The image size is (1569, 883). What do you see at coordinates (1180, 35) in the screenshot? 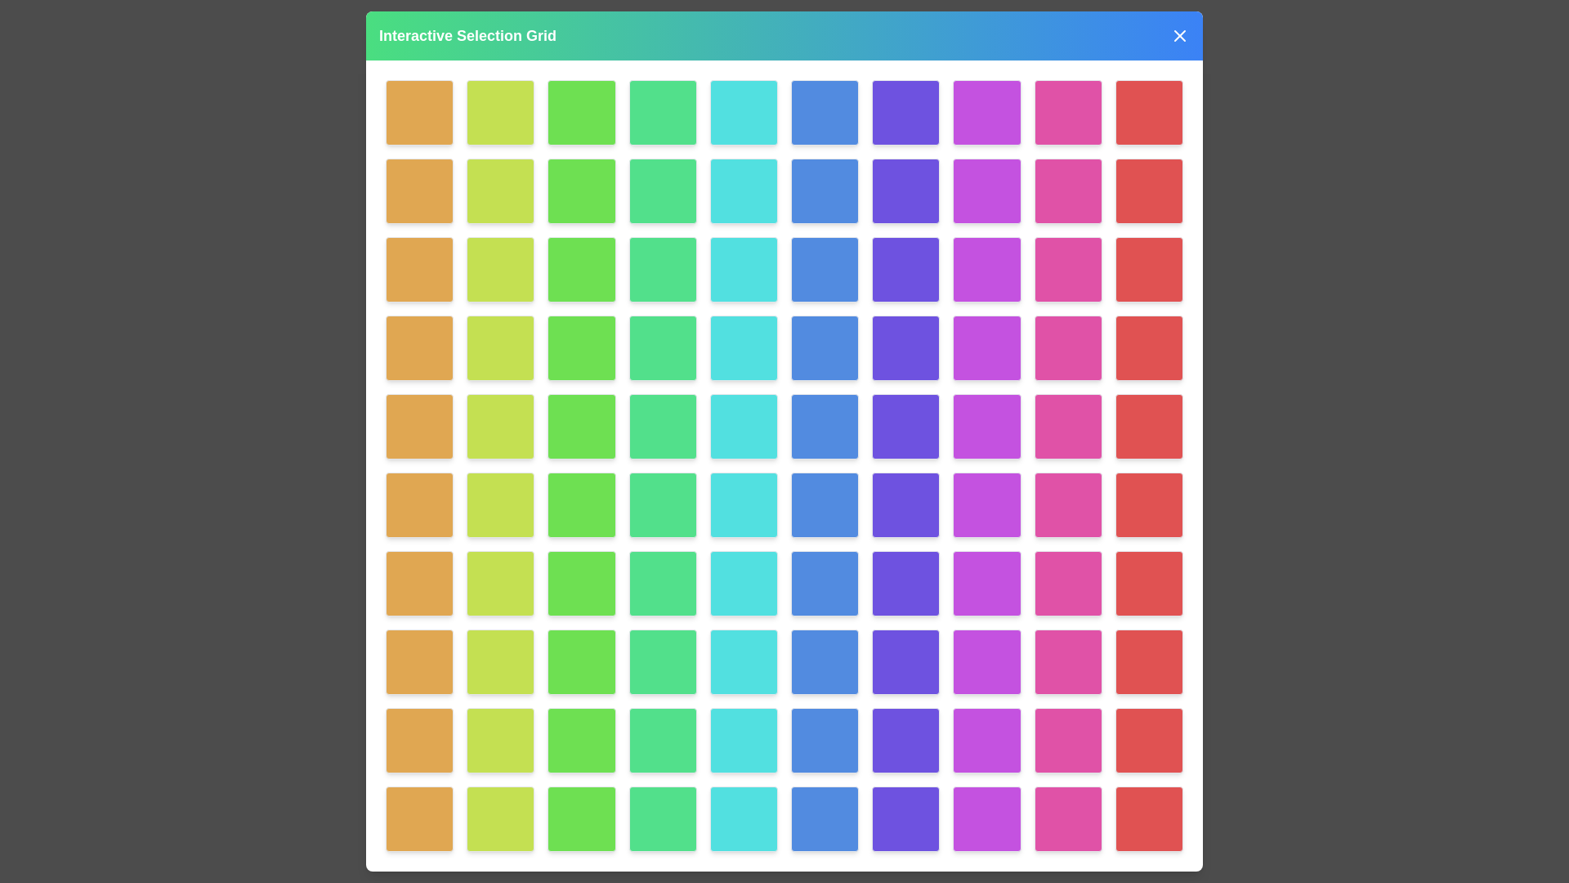
I see `the close button in the dialog header to close the dialog` at bounding box center [1180, 35].